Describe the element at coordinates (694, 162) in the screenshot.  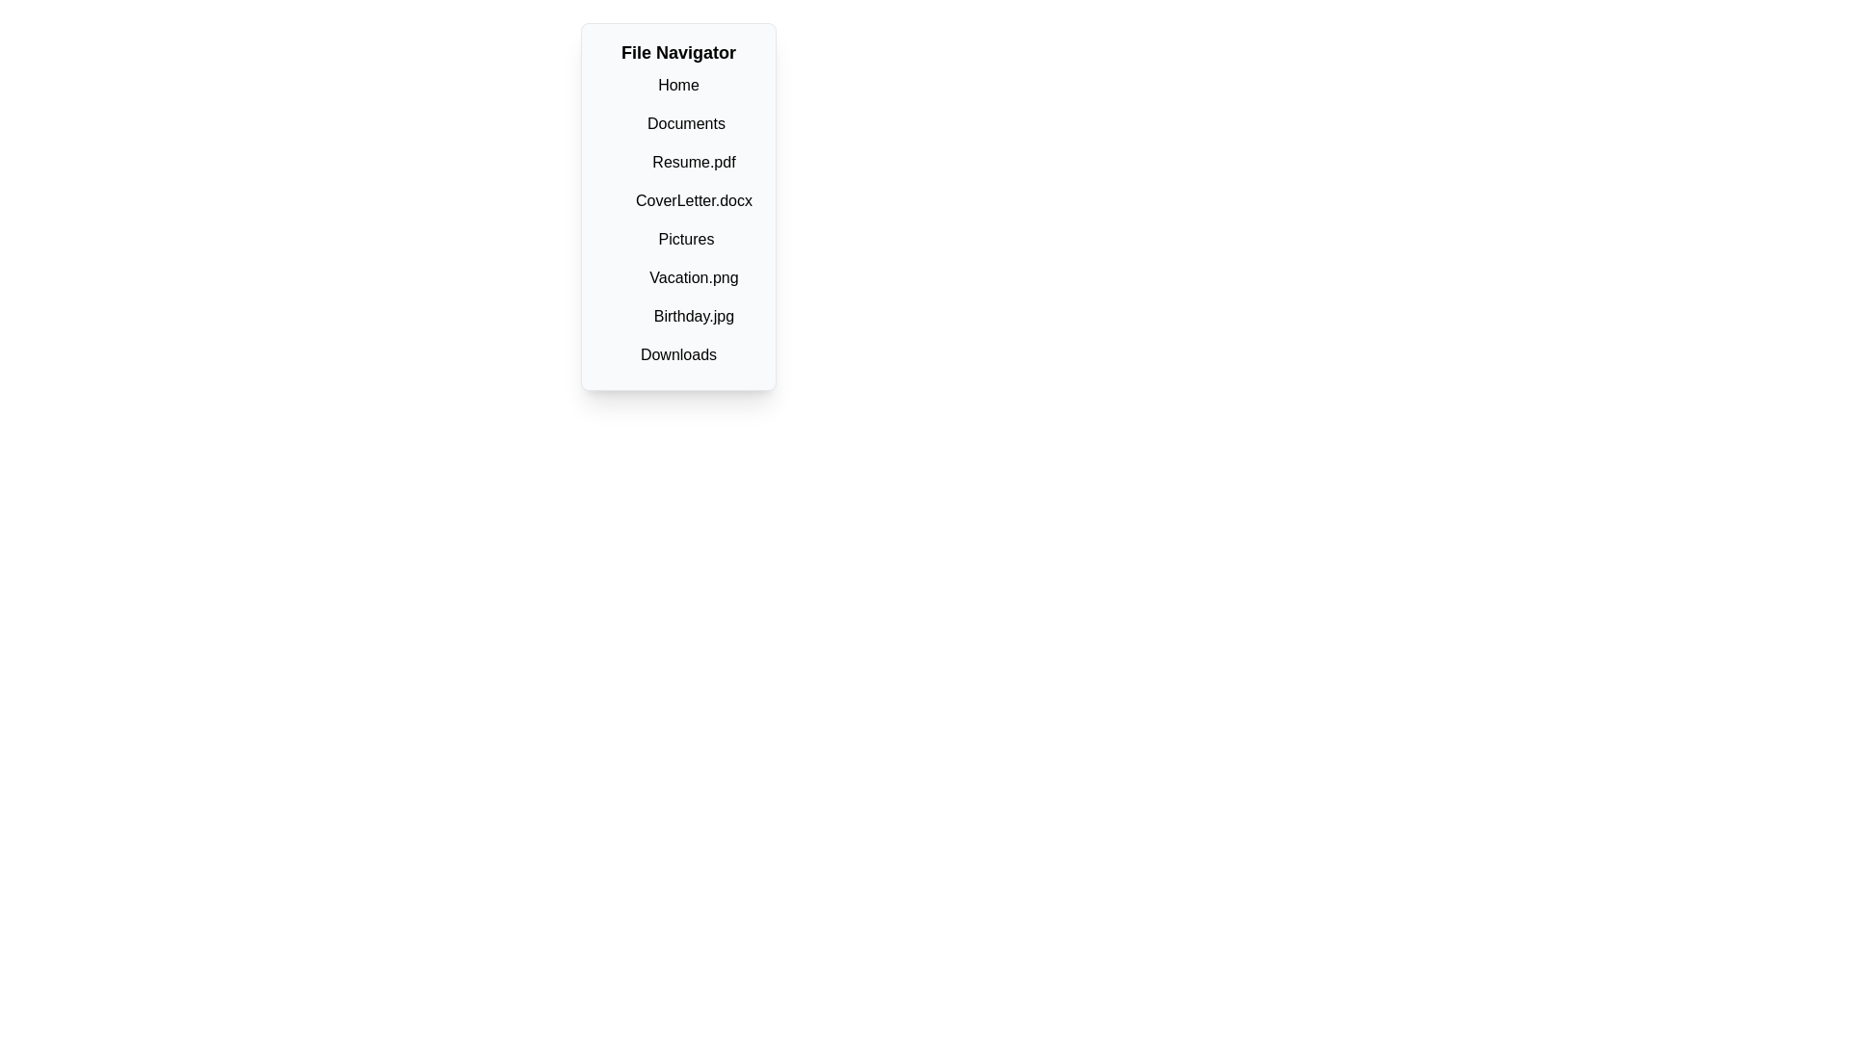
I see `the text item 'Resume.pdf' in the File Navigator list` at that location.